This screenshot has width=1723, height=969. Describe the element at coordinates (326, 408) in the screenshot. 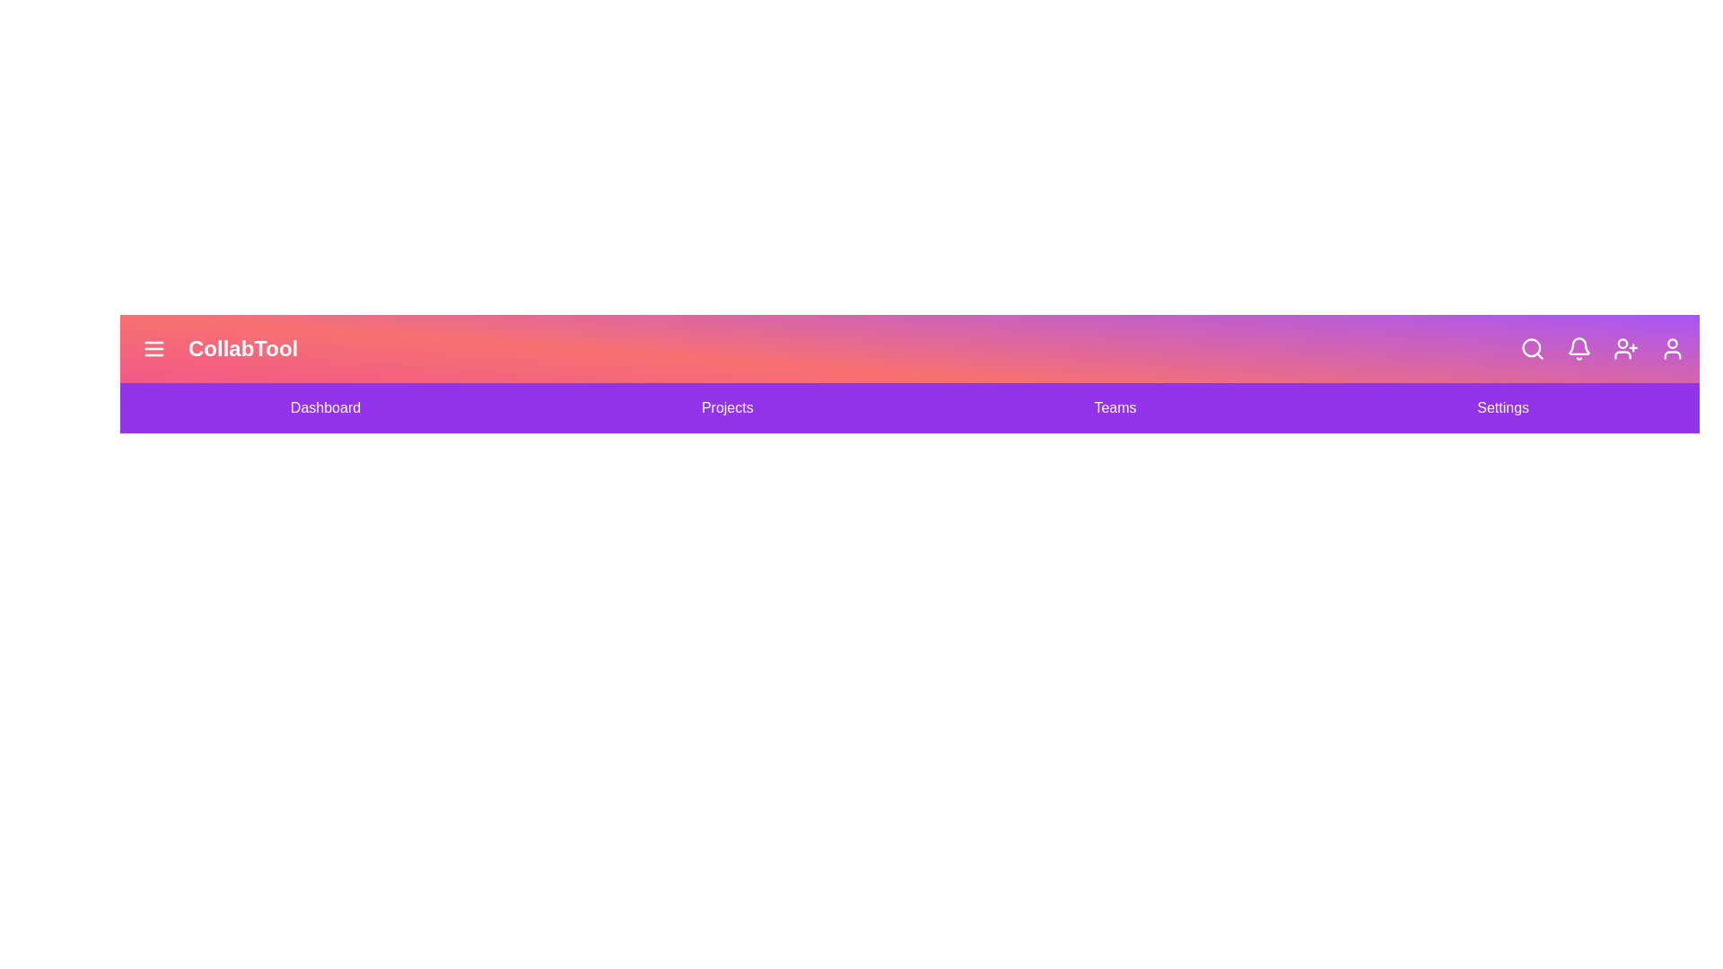

I see `the navigation link Dashboard` at that location.